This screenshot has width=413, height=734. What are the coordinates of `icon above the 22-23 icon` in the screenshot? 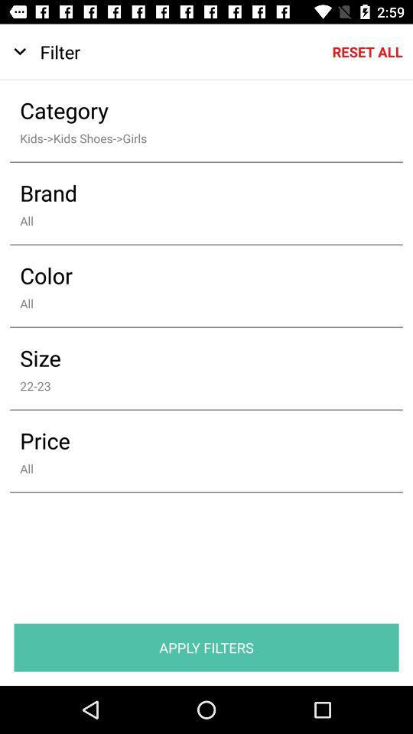 It's located at (196, 358).